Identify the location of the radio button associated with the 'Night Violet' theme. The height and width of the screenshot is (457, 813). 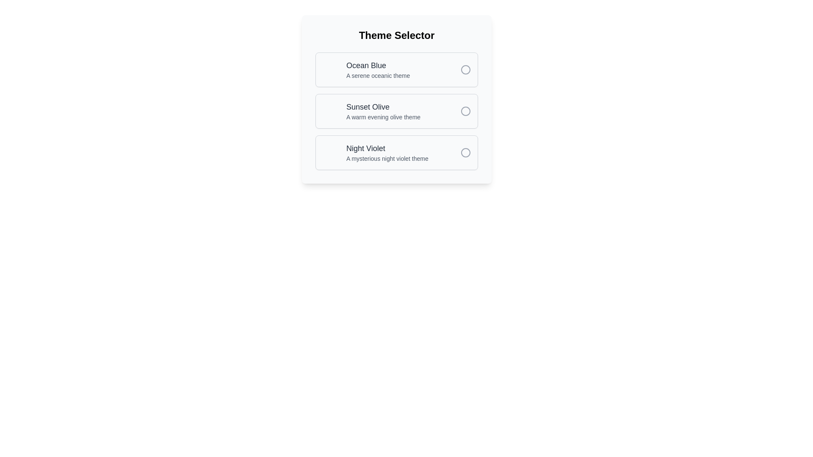
(465, 153).